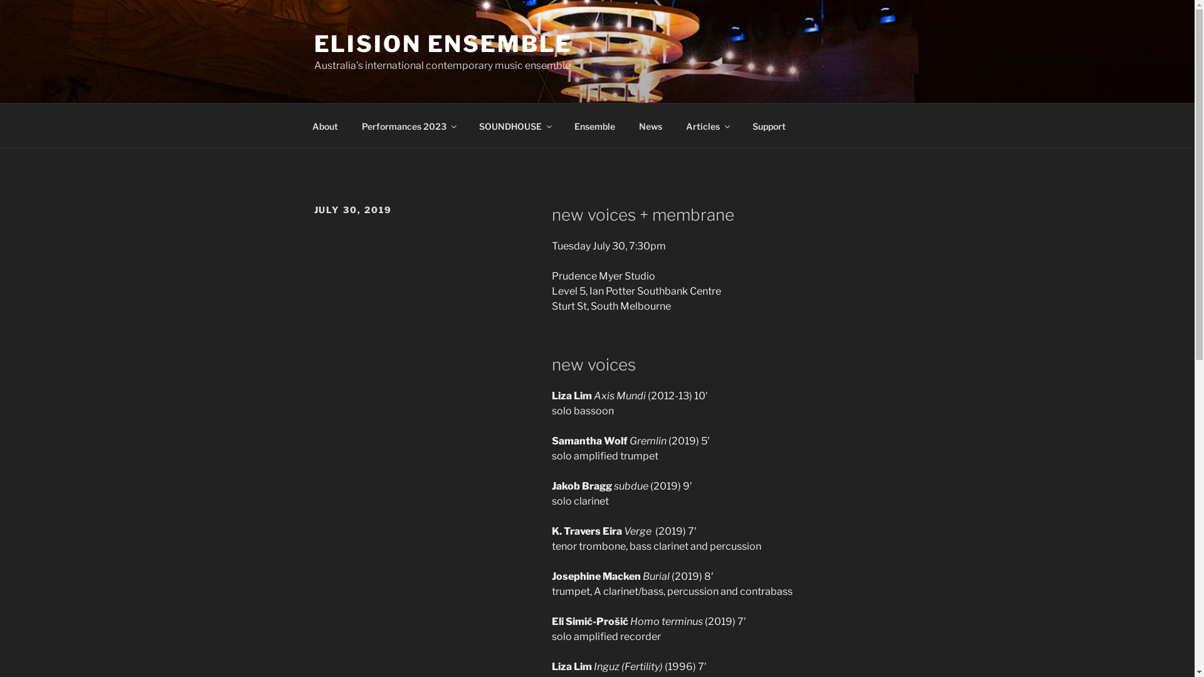 This screenshot has height=677, width=1204. Describe the element at coordinates (707, 125) in the screenshot. I see `'Articles'` at that location.